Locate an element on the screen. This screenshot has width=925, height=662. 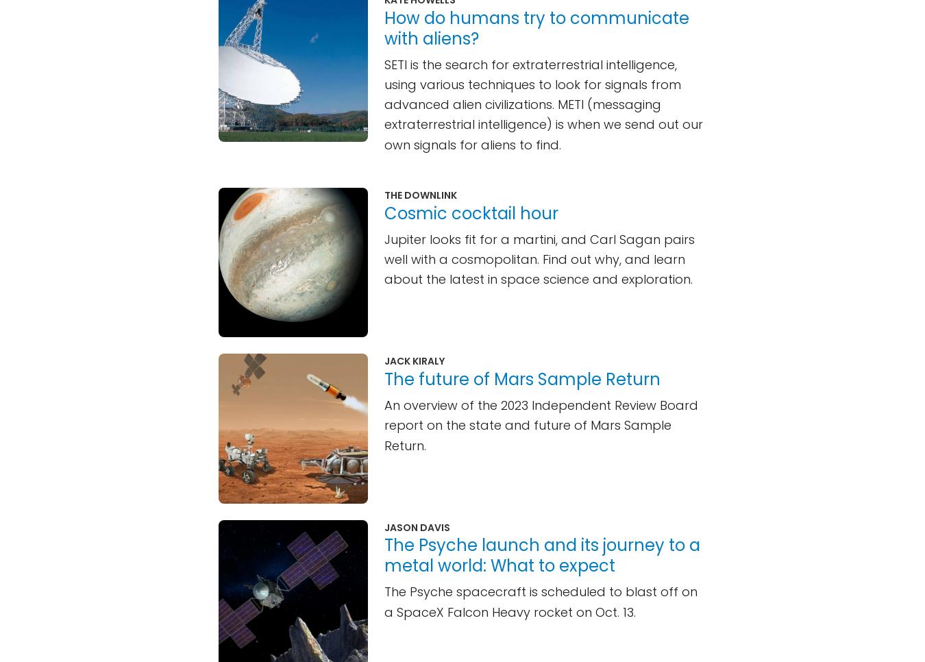
'Jupiter looks fit for a martini, and Carl Sagan pairs well with a cosmopolitan. Find out why, and learn about the latest in space science and exploration.' is located at coordinates (384, 258).